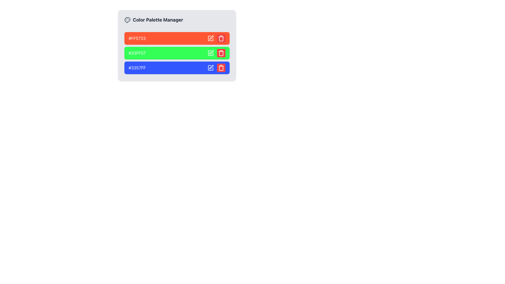 The image size is (505, 284). Describe the element at coordinates (221, 53) in the screenshot. I see `the square-shaped red button with a trash icon on the far right of the second row in the color palette list` at that location.